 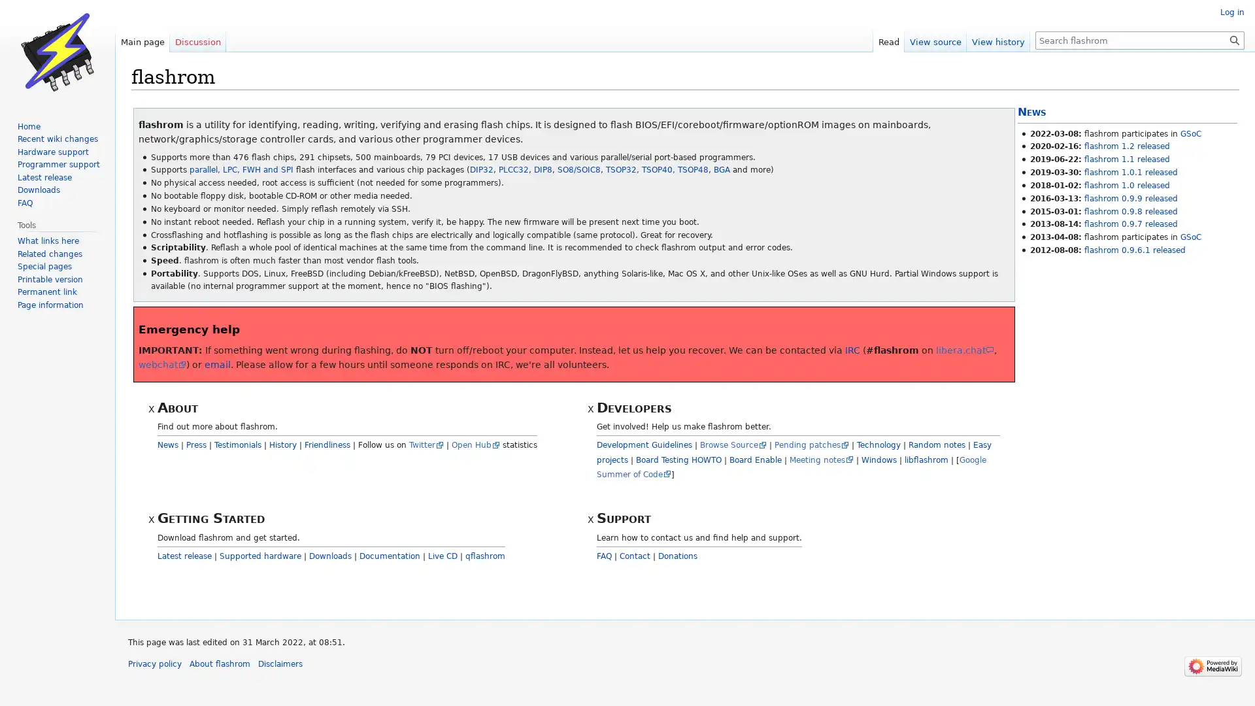 What do you see at coordinates (1234, 39) in the screenshot?
I see `Search` at bounding box center [1234, 39].